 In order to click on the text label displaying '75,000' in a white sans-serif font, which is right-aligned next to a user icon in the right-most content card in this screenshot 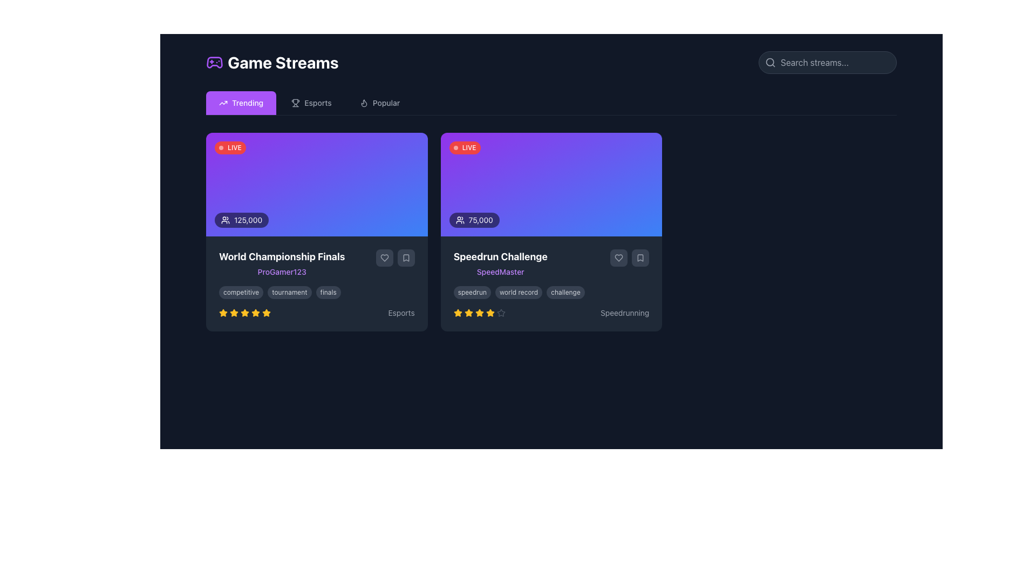, I will do `click(480, 220)`.